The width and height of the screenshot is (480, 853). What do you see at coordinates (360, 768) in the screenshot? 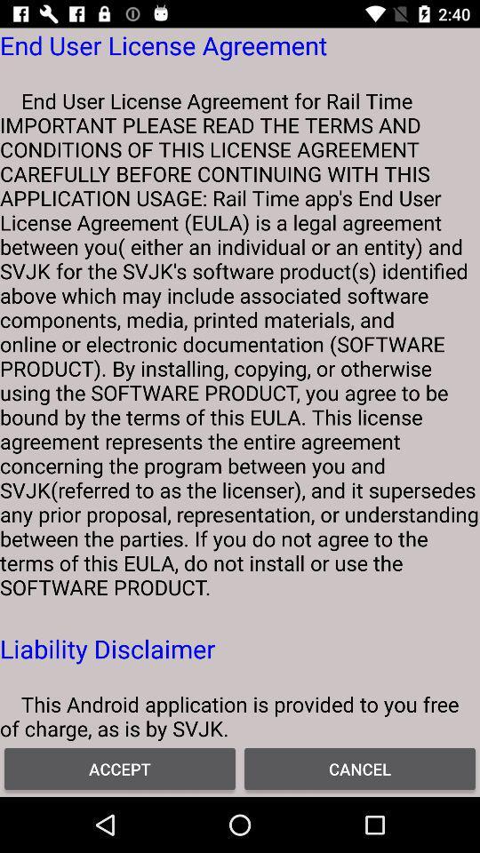
I see `cancel` at bounding box center [360, 768].